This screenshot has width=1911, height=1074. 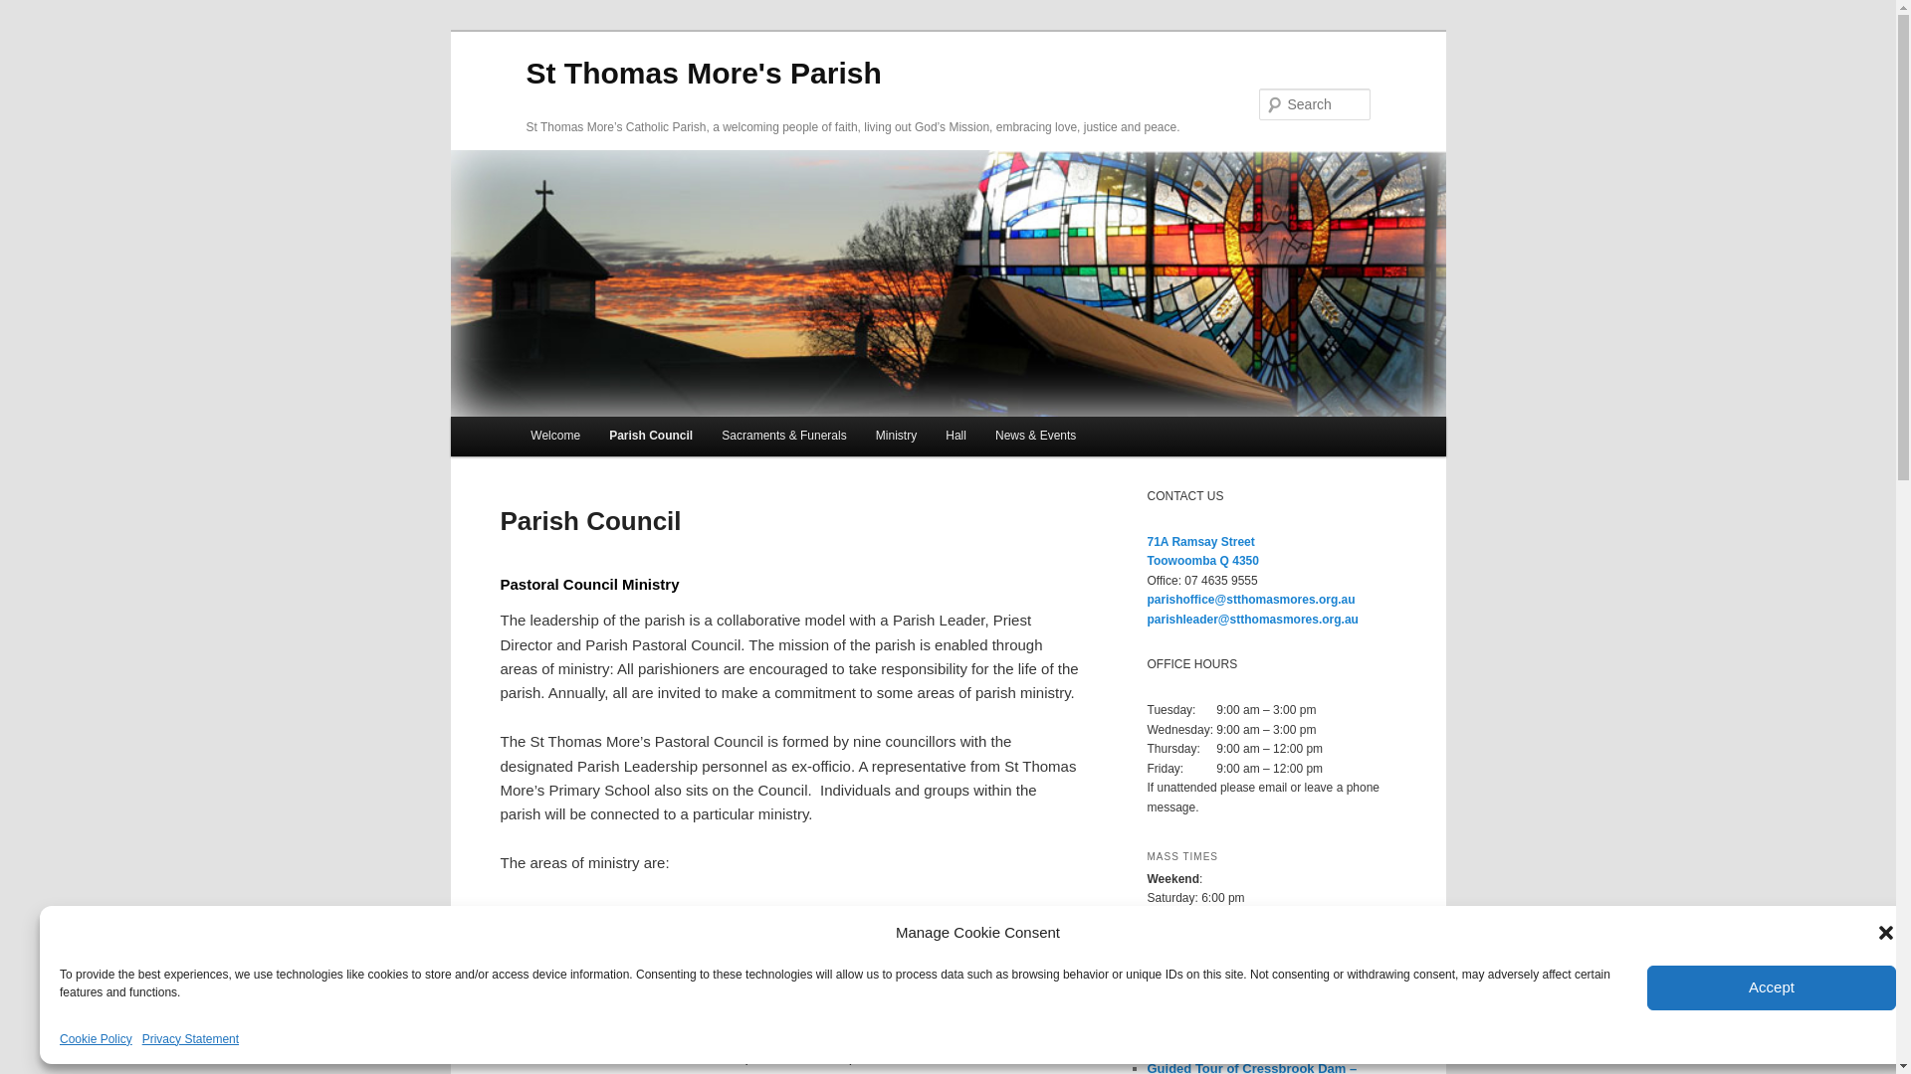 What do you see at coordinates (1147, 552) in the screenshot?
I see `'71A Ramsay Street` at bounding box center [1147, 552].